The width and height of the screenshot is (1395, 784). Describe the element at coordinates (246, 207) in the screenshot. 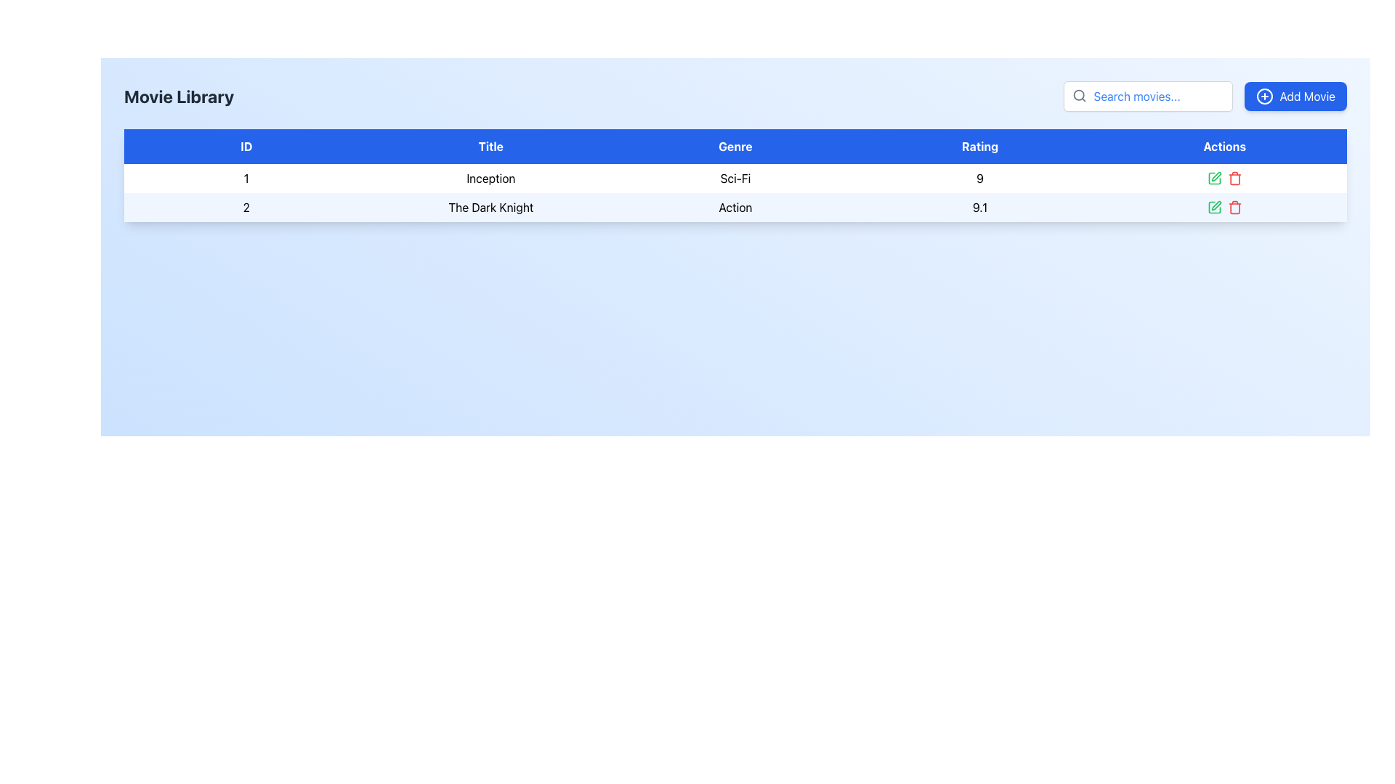

I see `the table cell that identifies the row for the movie 'The Dark Knight', which is located in the second row under the ID column` at that location.